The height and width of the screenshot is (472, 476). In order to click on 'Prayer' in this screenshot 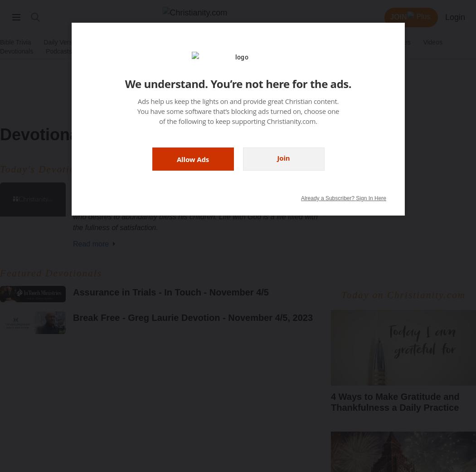, I will do `click(172, 41)`.